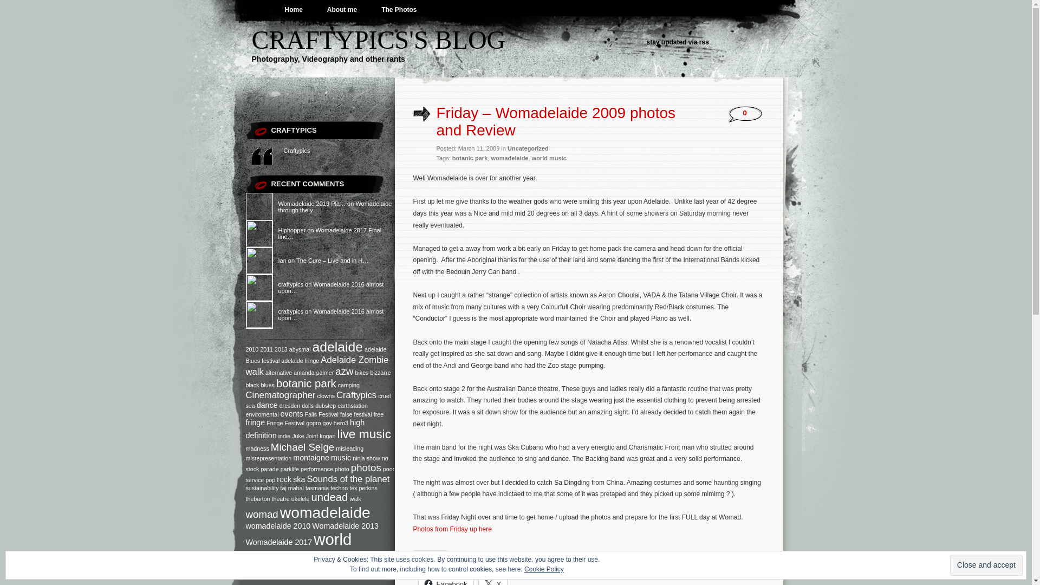 This screenshot has height=585, width=1040. Describe the element at coordinates (245, 488) in the screenshot. I see `'sustainability'` at that location.